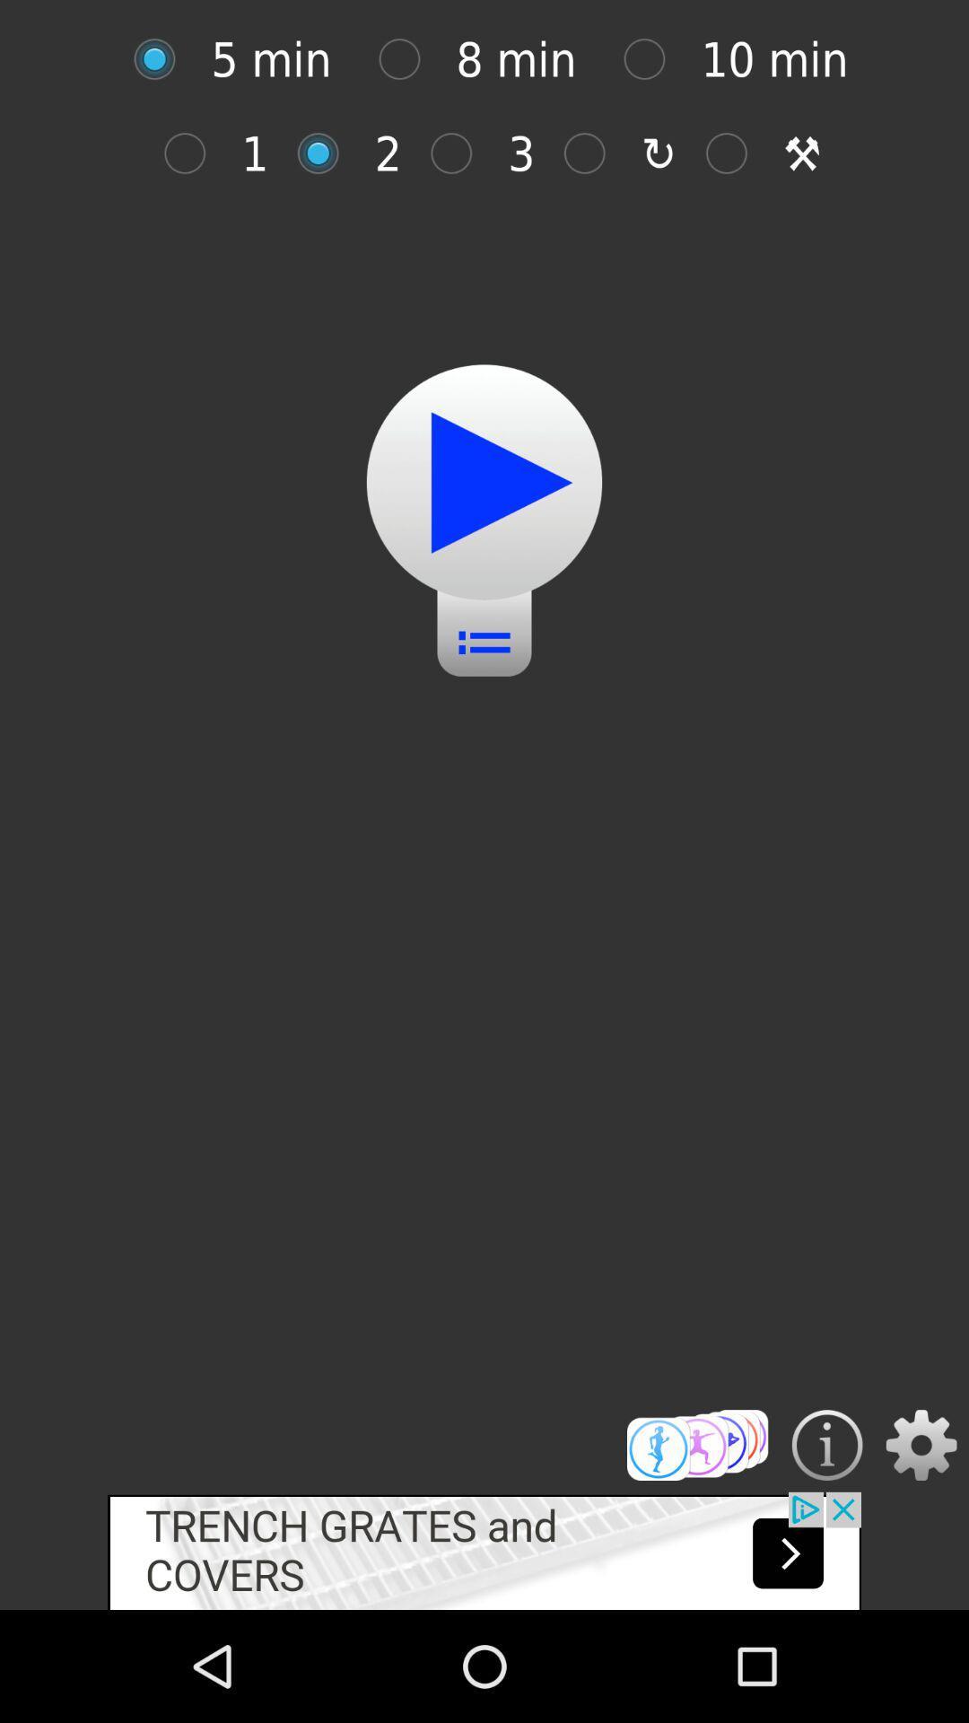  What do you see at coordinates (654, 59) in the screenshot?
I see `click this button to get 10 minutes of video` at bounding box center [654, 59].